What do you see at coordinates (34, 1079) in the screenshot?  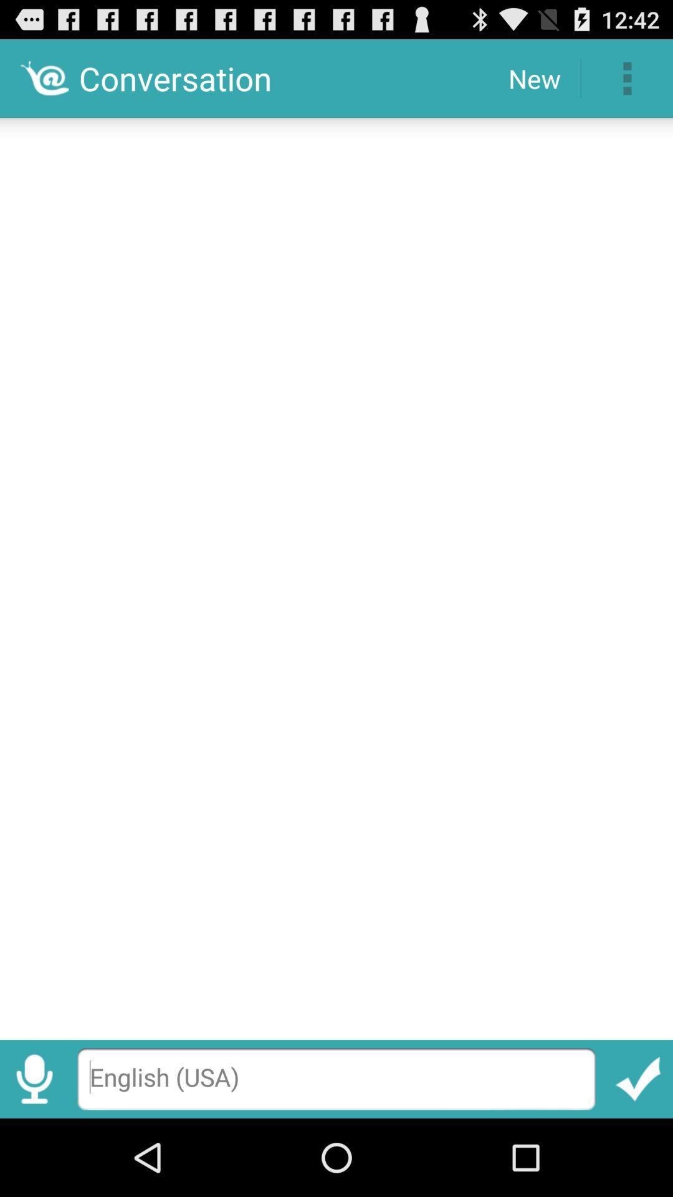 I see `microphone option` at bounding box center [34, 1079].